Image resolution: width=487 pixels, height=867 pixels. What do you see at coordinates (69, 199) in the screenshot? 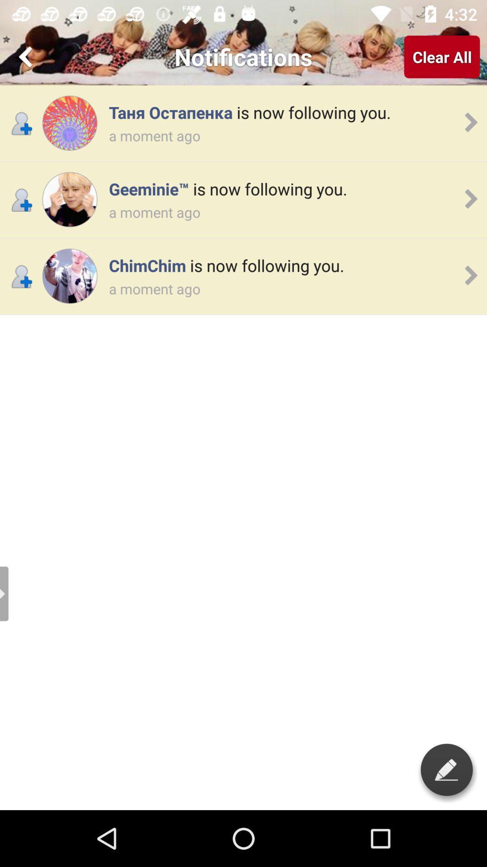
I see `request` at bounding box center [69, 199].